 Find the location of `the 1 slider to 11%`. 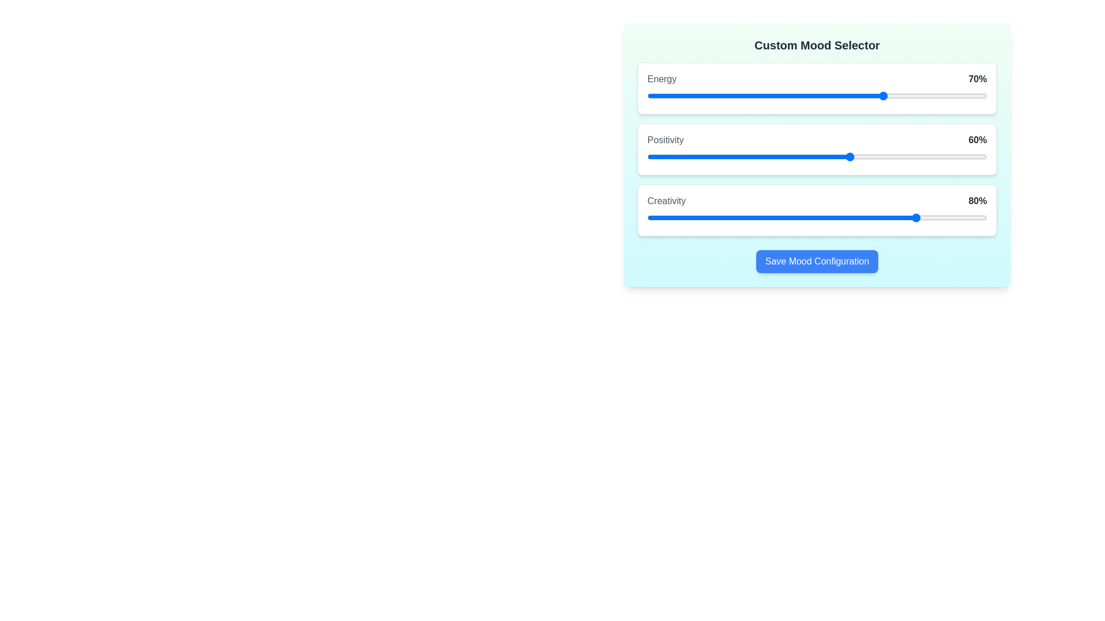

the 1 slider to 11% is located at coordinates (684, 157).